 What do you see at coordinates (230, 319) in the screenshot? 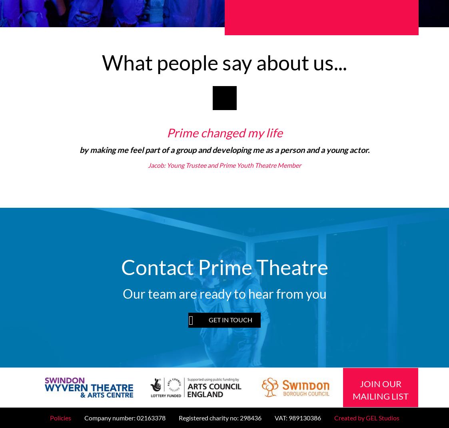
I see `'Get in touch'` at bounding box center [230, 319].